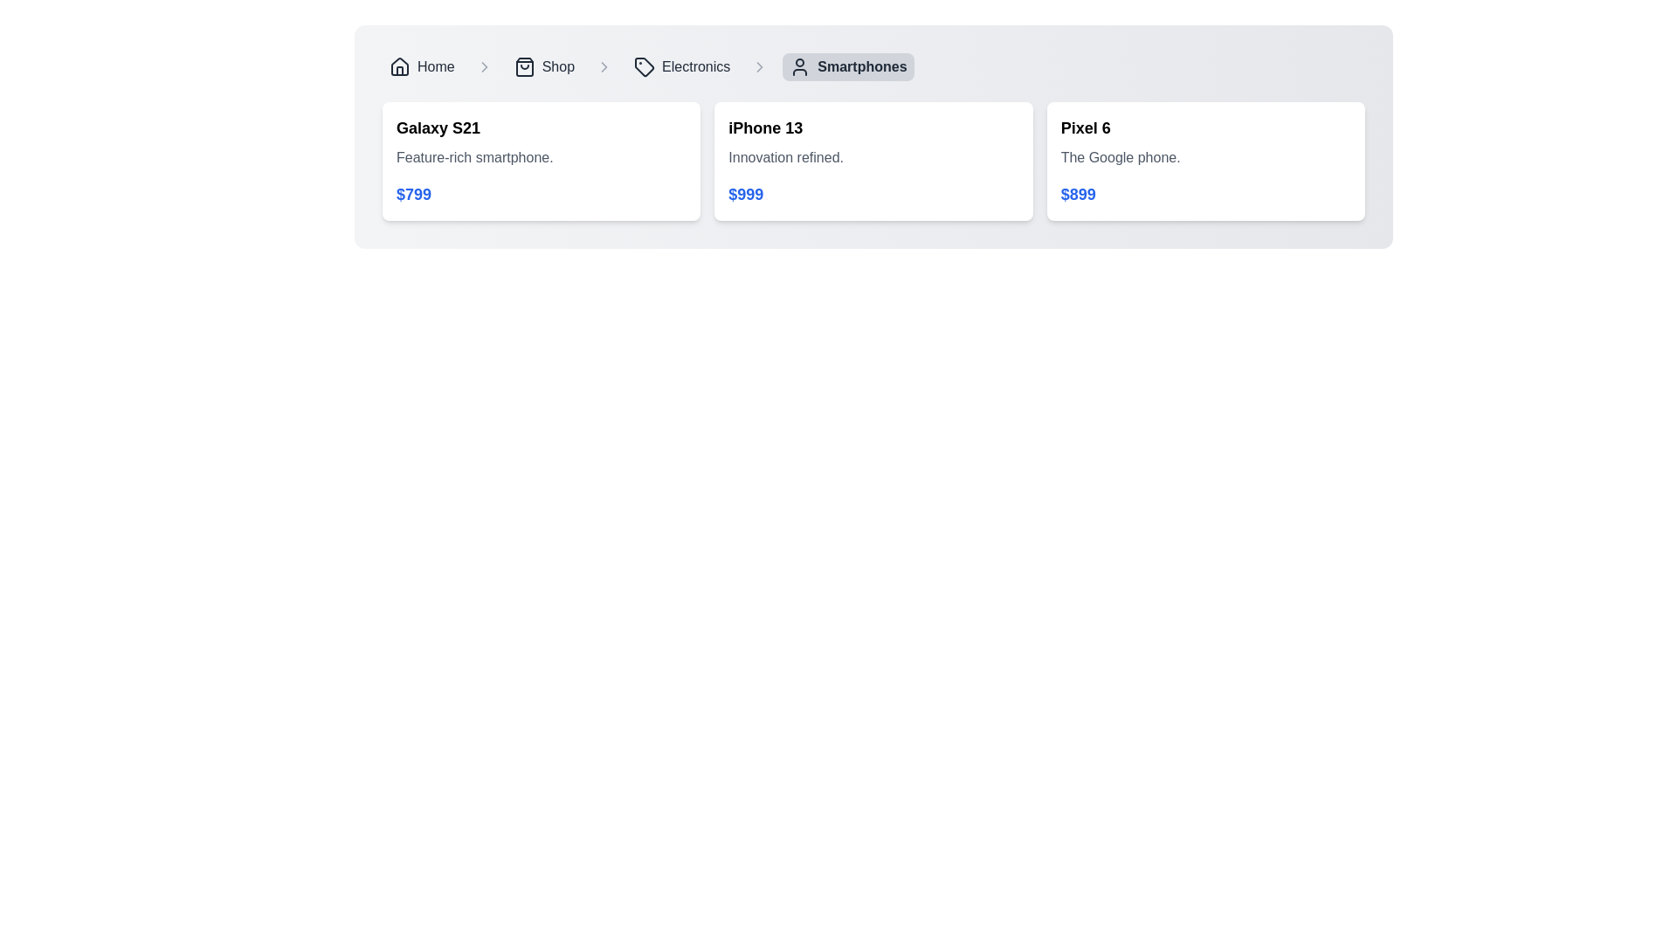  What do you see at coordinates (644, 66) in the screenshot?
I see `the 'Electronics' icon in the breadcrumb navigation, which is positioned between 'Shop' and 'Smartphones'` at bounding box center [644, 66].